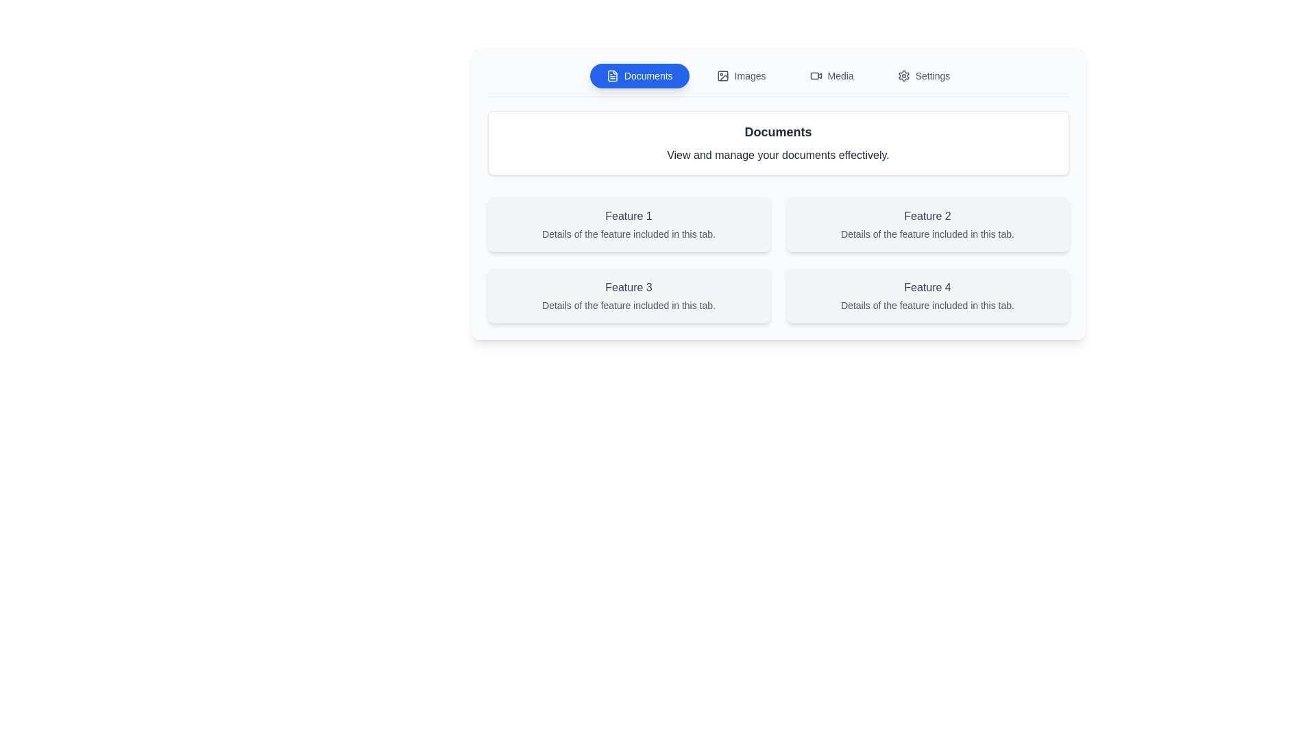 The image size is (1316, 740). What do you see at coordinates (628, 223) in the screenshot?
I see `the Informational card displaying information about 'Feature 1', which is located in the top-left corner of the grid beneath the 'Documents' header` at bounding box center [628, 223].